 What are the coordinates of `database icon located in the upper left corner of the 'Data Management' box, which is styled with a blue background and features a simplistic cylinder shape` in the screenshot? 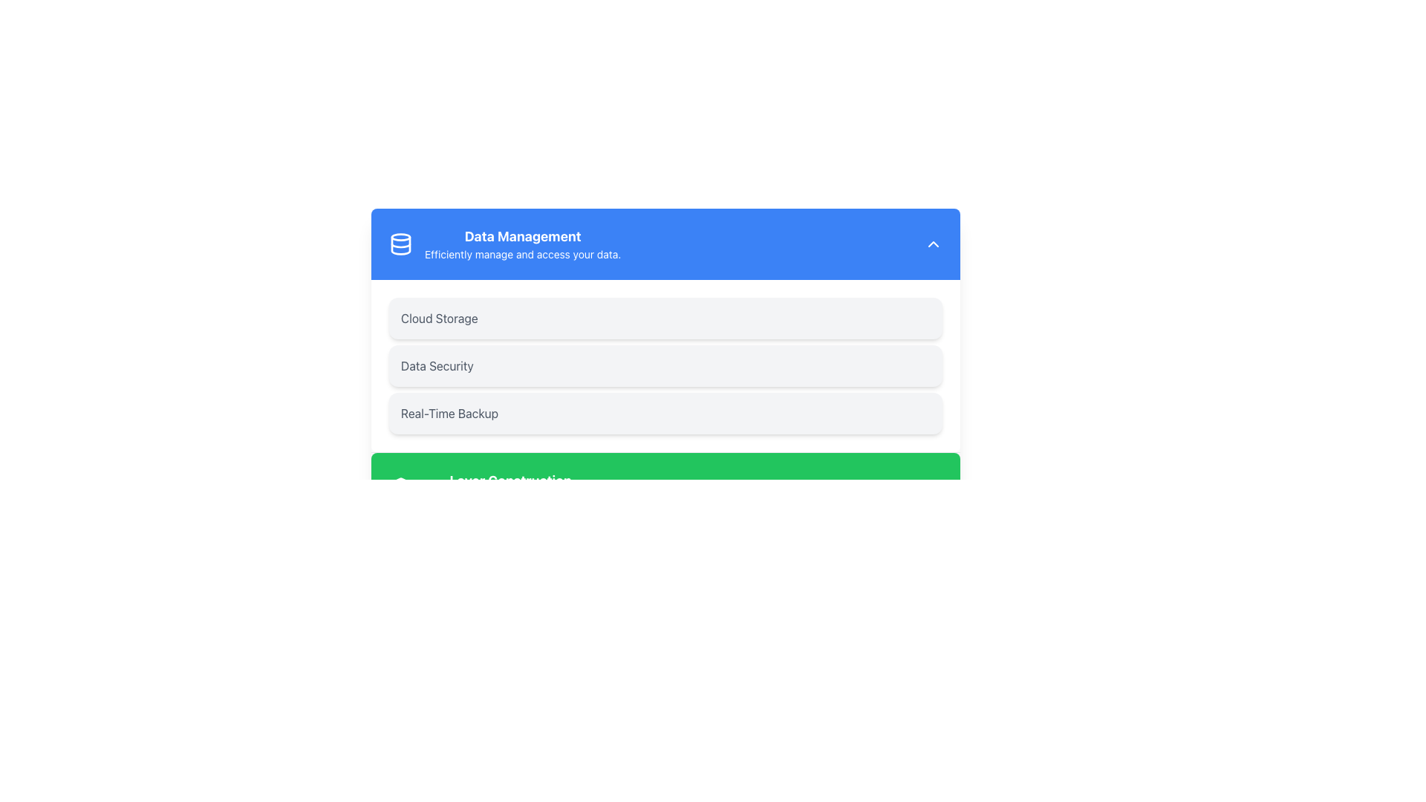 It's located at (400, 243).